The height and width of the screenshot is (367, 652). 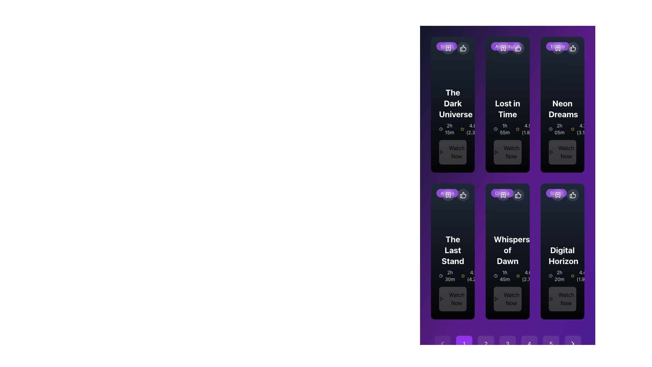 I want to click on the thumbs-up icon button located in the top-right corner of the card layout to like, so click(x=572, y=195).